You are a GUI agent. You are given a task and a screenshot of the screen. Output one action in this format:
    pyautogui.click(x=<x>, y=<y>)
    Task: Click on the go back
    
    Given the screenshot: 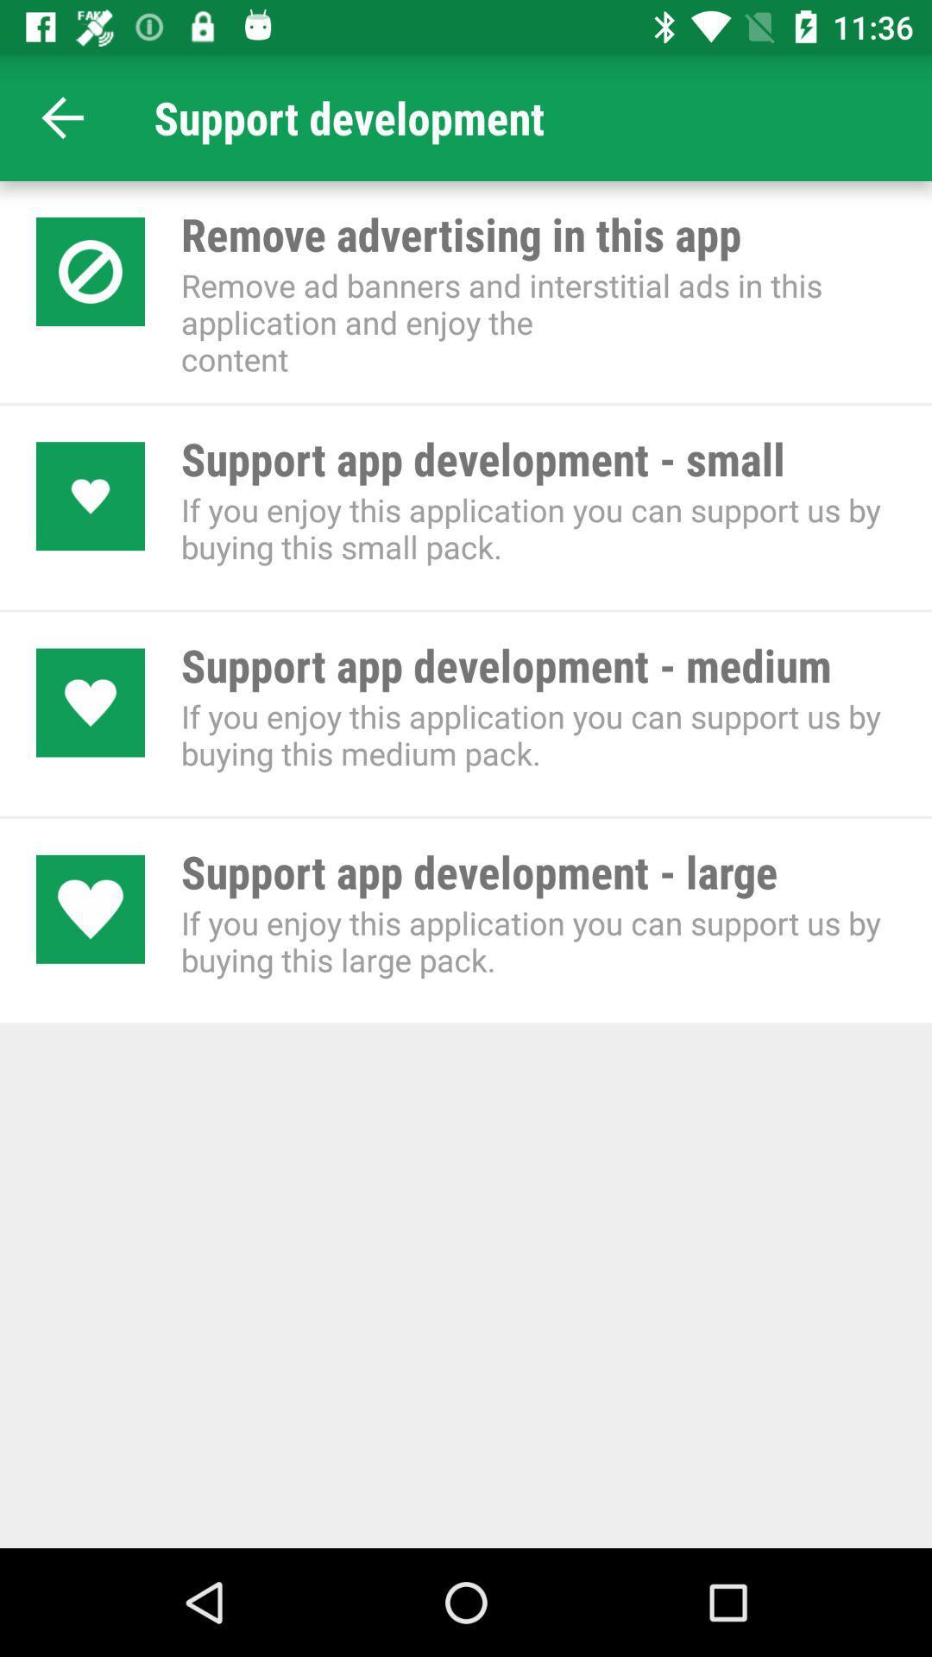 What is the action you would take?
    pyautogui.click(x=62, y=117)
    